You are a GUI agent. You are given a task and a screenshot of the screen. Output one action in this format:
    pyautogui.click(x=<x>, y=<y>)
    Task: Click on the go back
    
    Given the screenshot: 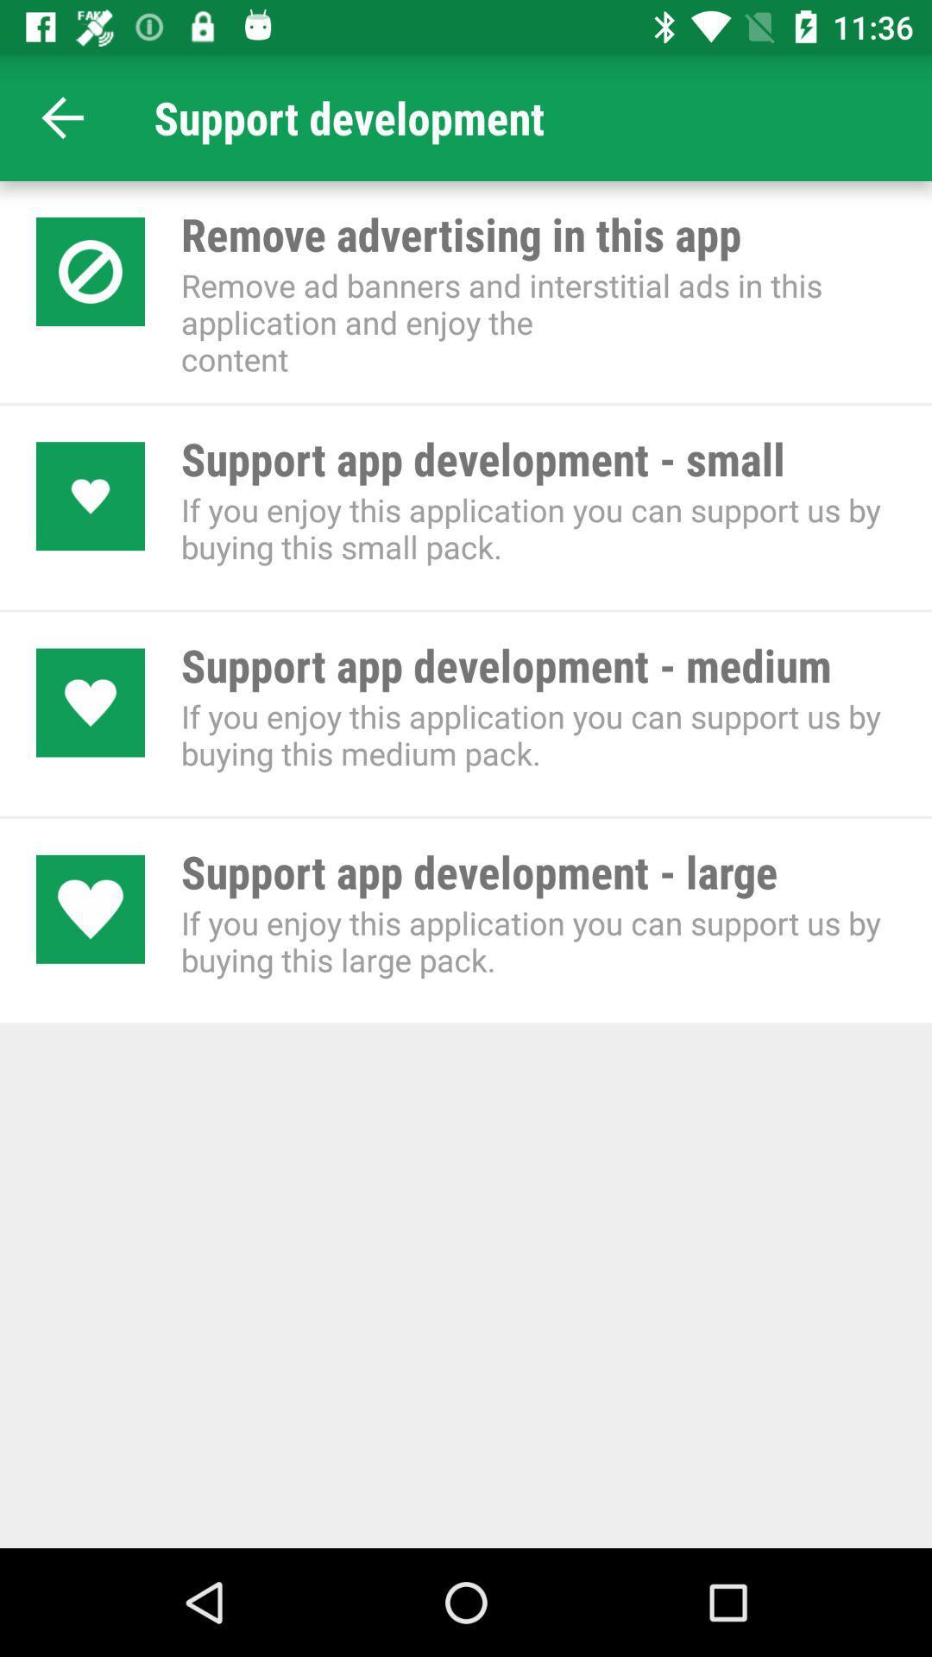 What is the action you would take?
    pyautogui.click(x=62, y=117)
    